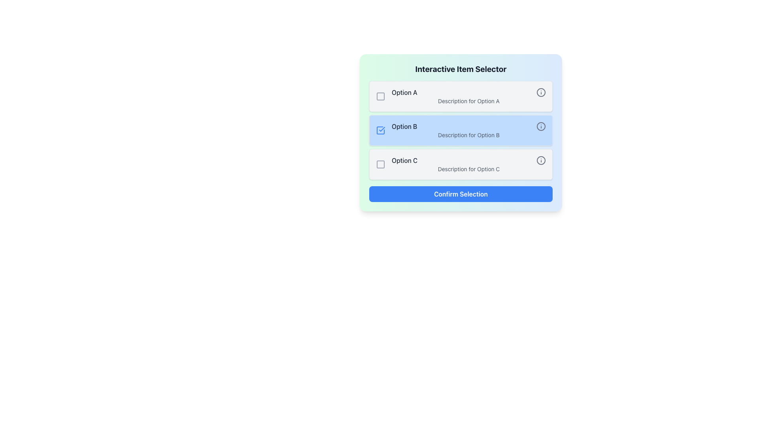 Image resolution: width=759 pixels, height=427 pixels. Describe the element at coordinates (540, 160) in the screenshot. I see `the small circular icon with a gray outline and an inner 'i' symbol, located to the far right of the row labeled 'Option C'` at that location.